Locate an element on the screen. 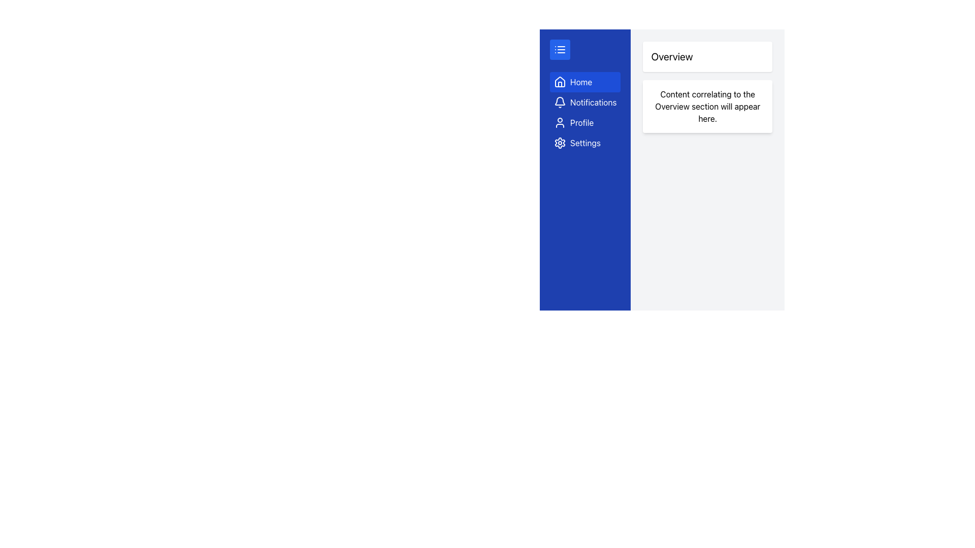 This screenshot has width=975, height=548. the 'Notifications' text label in the vertical navigation menu is located at coordinates (593, 102).